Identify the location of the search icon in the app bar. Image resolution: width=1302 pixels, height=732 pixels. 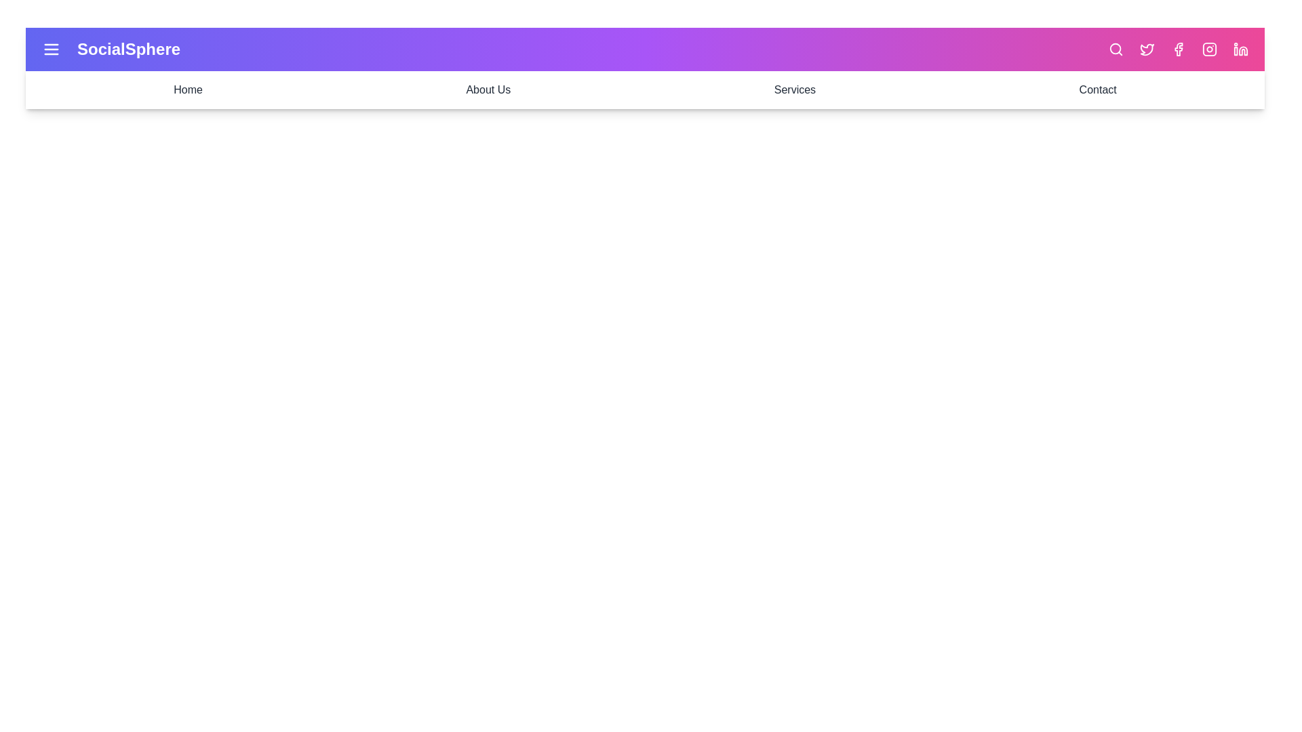
(1116, 49).